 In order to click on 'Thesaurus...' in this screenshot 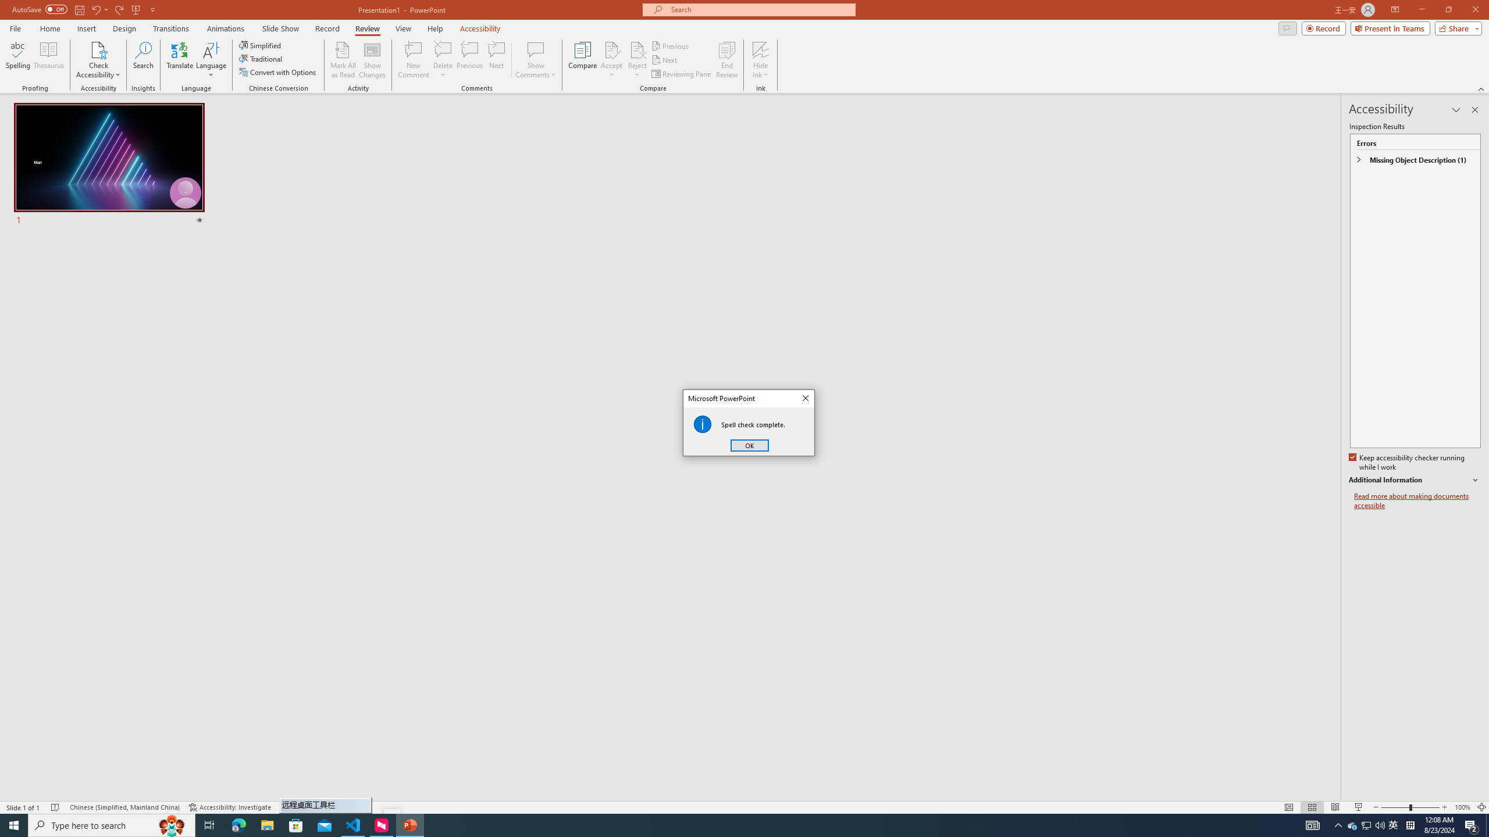, I will do `click(48, 60)`.